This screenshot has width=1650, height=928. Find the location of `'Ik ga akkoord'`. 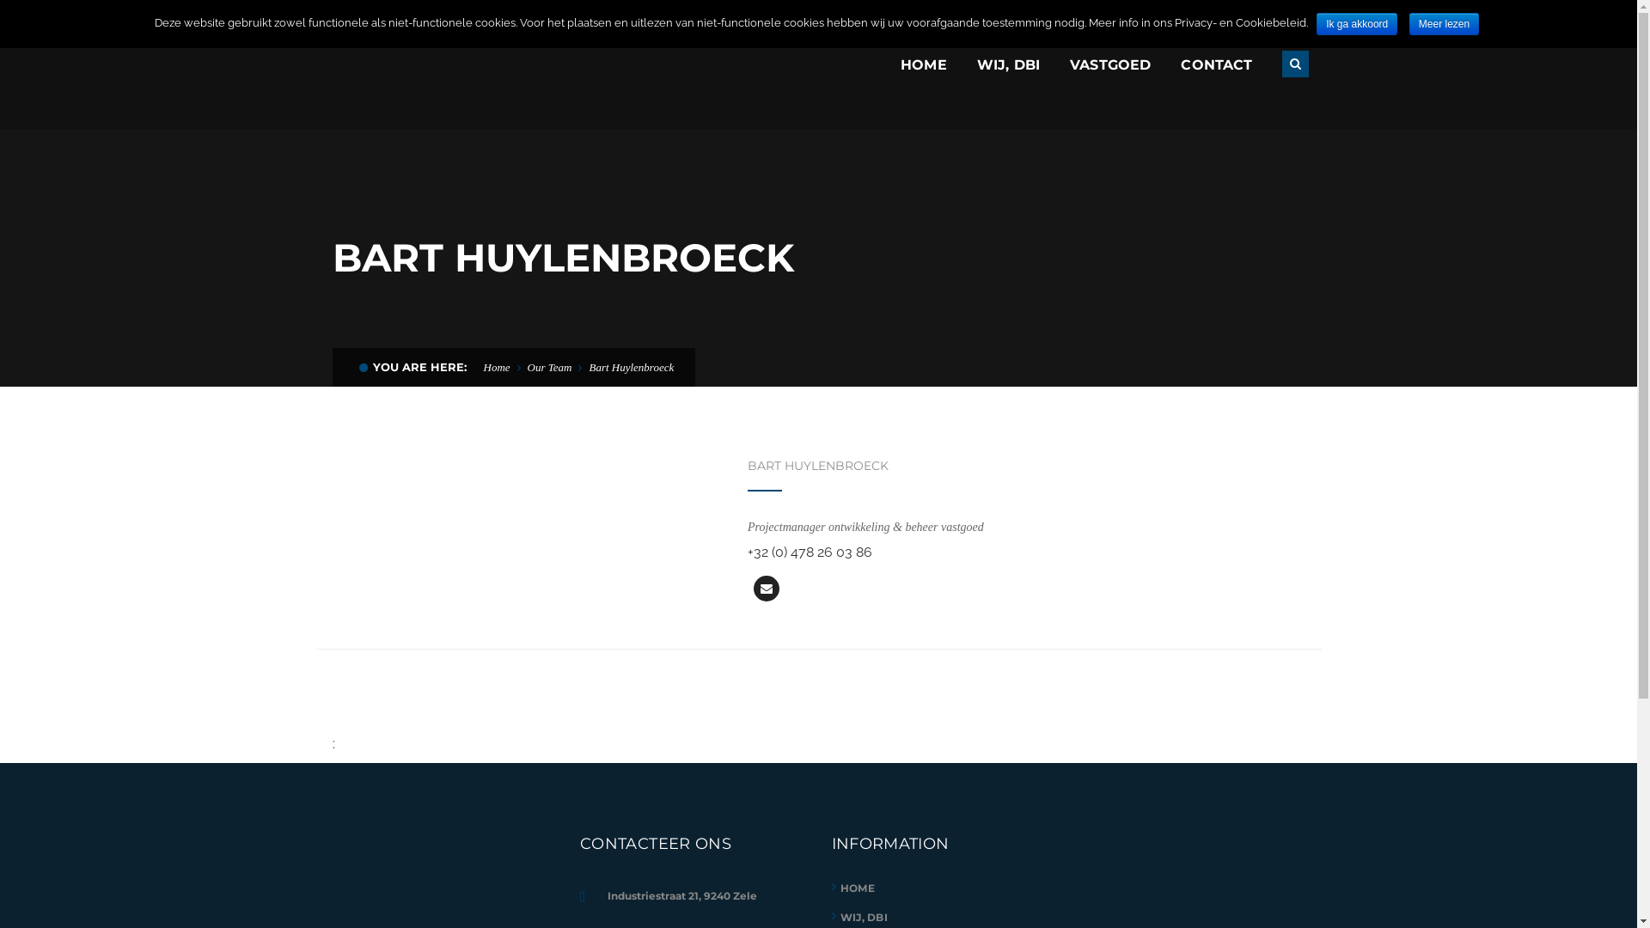

'Ik ga akkoord' is located at coordinates (1356, 23).